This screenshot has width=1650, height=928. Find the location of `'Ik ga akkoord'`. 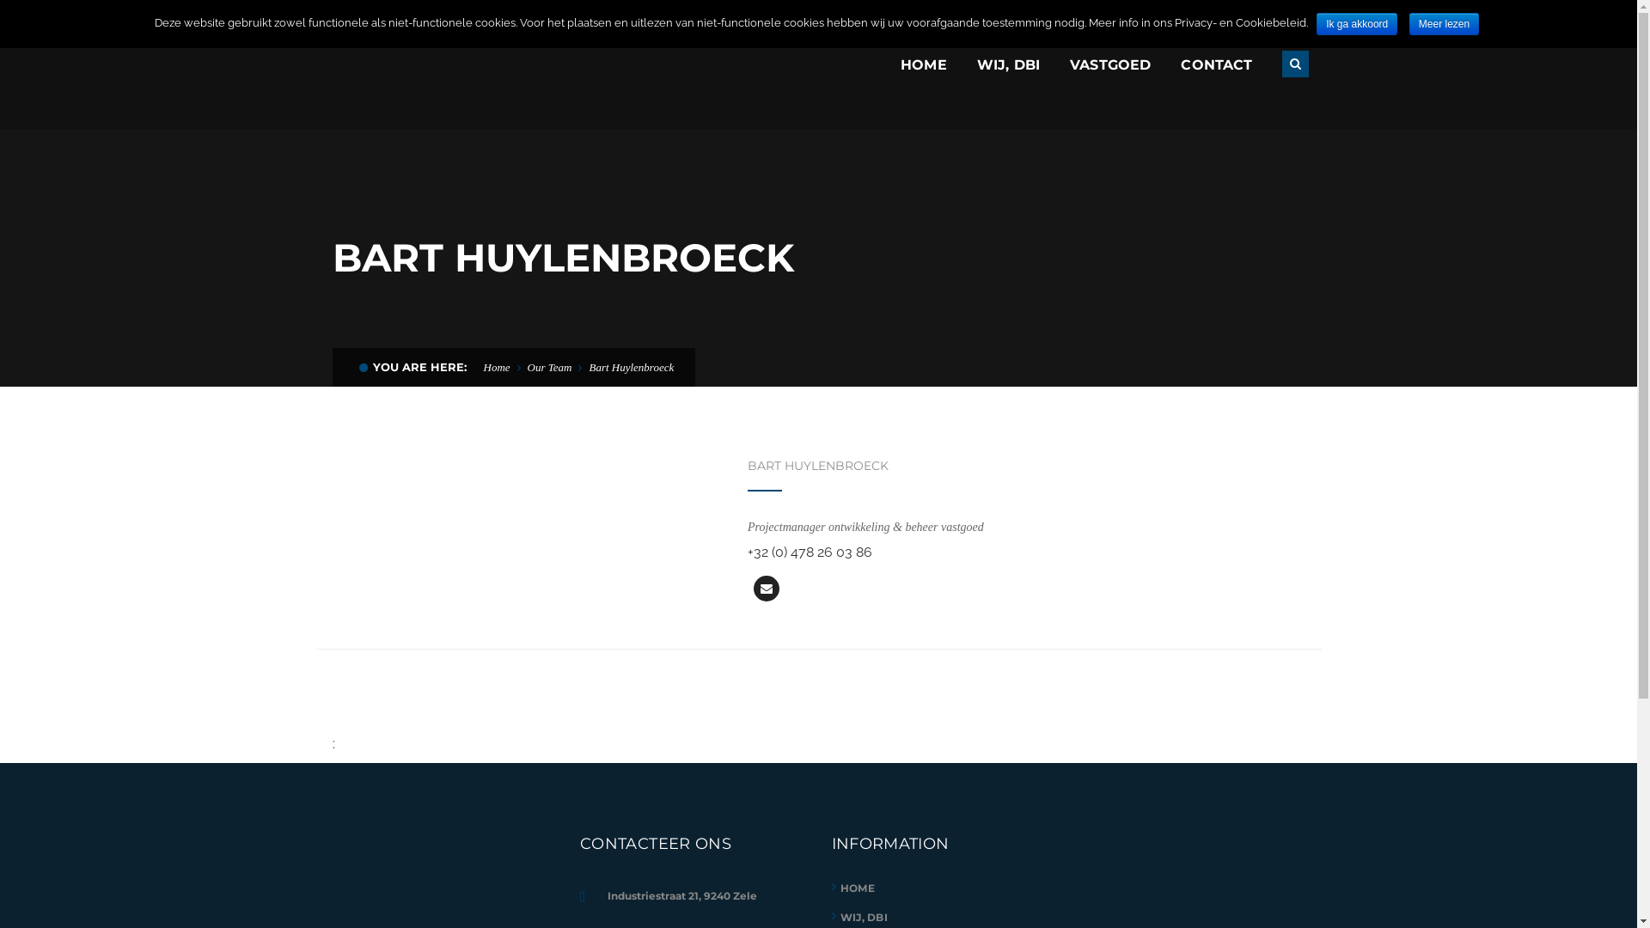

'Ik ga akkoord' is located at coordinates (1356, 23).